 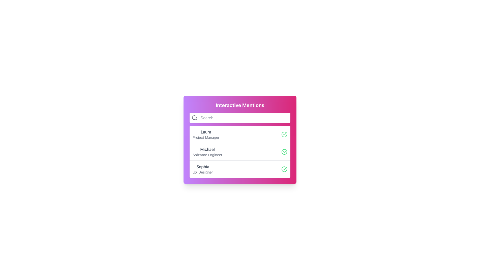 I want to click on the second list item representing an individual and their role, which is located between 'Laura' and 'Sophia' in a vertical list, so click(x=239, y=151).